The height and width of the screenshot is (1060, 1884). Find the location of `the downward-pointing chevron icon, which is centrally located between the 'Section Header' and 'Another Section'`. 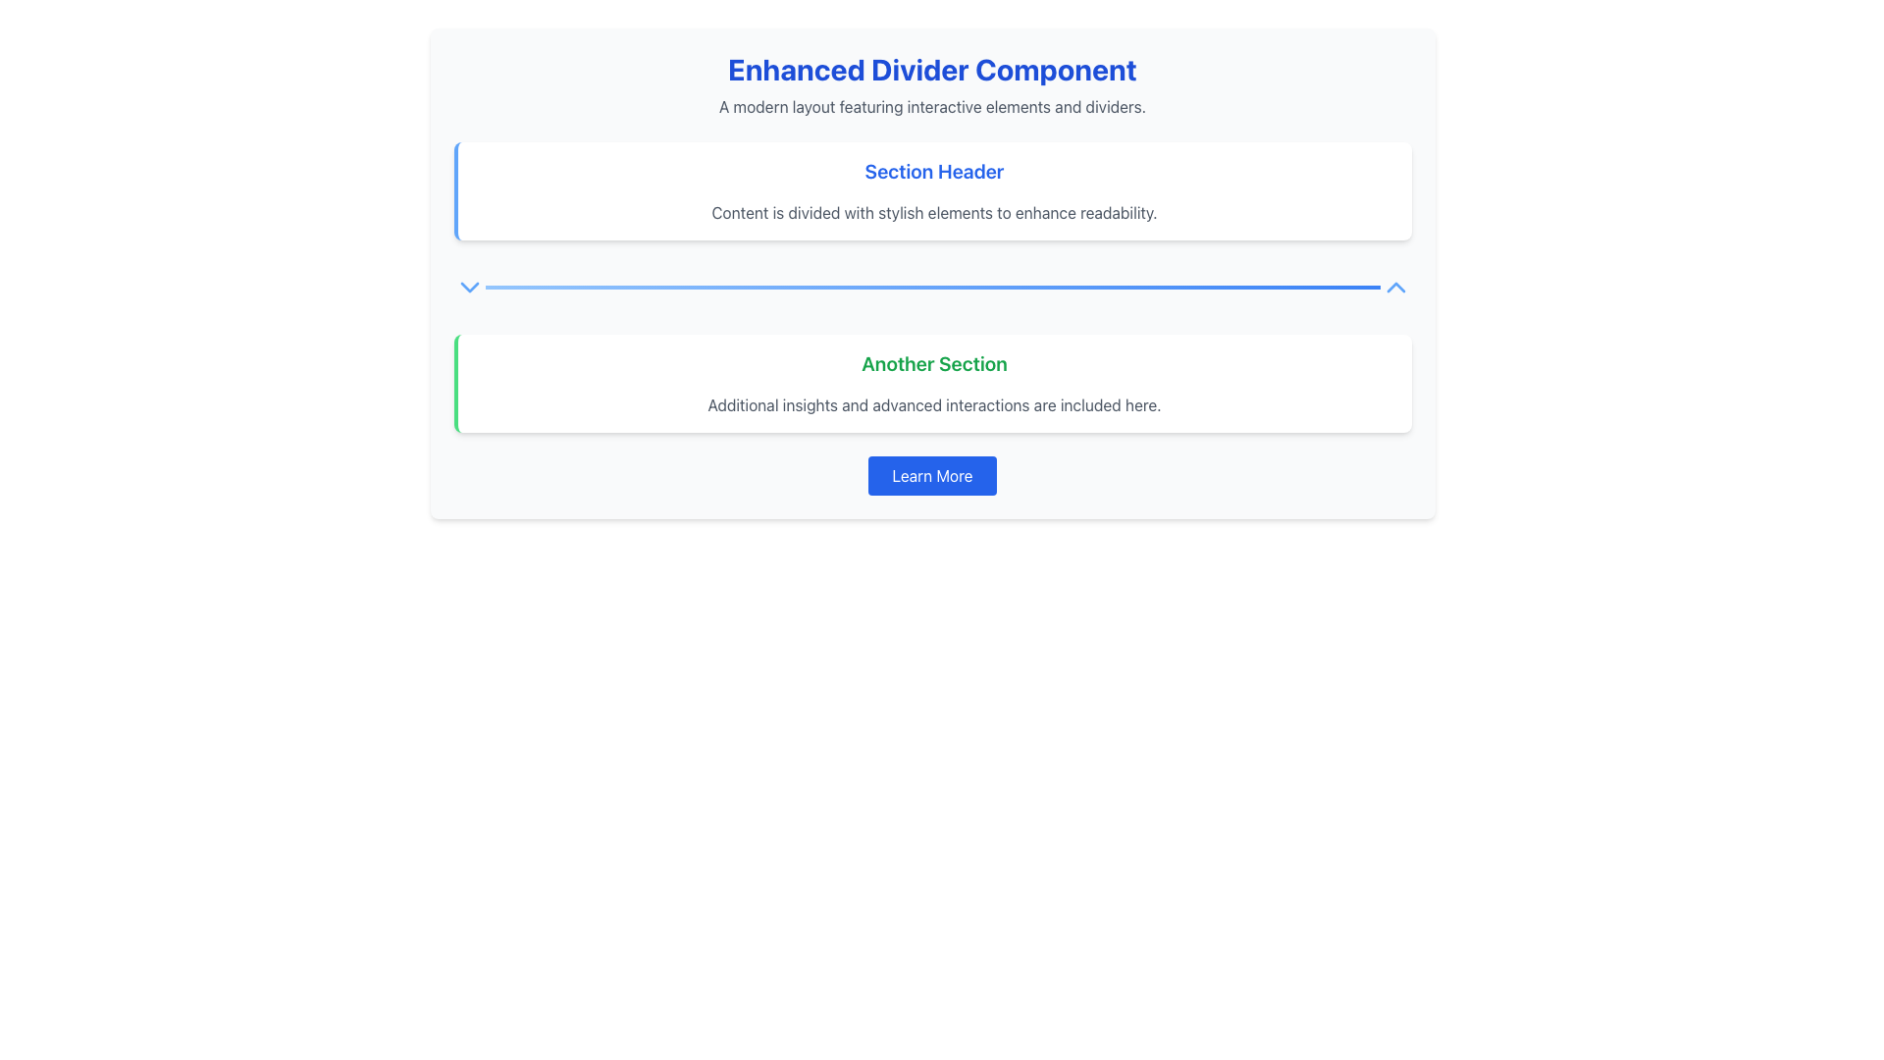

the downward-pointing chevron icon, which is centrally located between the 'Section Header' and 'Another Section' is located at coordinates (468, 288).